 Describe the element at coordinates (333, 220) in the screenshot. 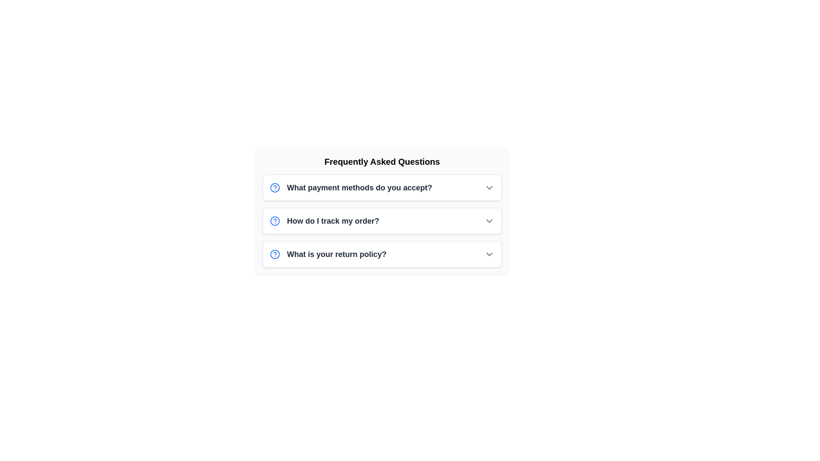

I see `the second question in the FAQ section about tracking orders, located between 'What payment methods do you accept?' and 'What is your return policy?'` at that location.